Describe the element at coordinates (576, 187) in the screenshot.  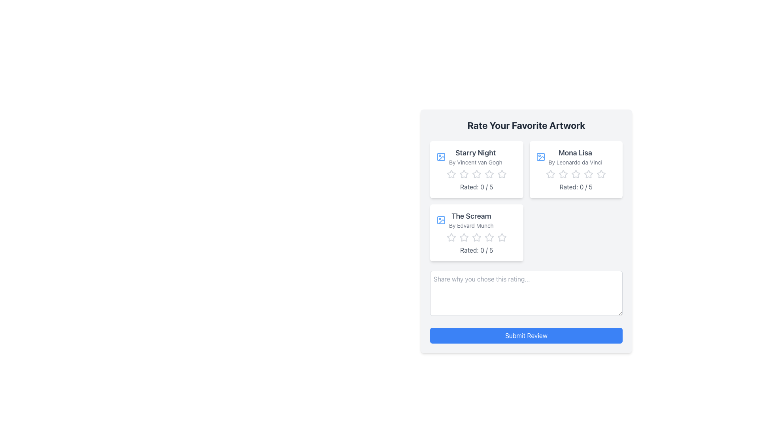
I see `the text label displaying the rating information for the artwork 'Mona Lisa', which shows 'Rated: 0 / 5' and is positioned below the star rating visuals within the white rectangular card` at that location.